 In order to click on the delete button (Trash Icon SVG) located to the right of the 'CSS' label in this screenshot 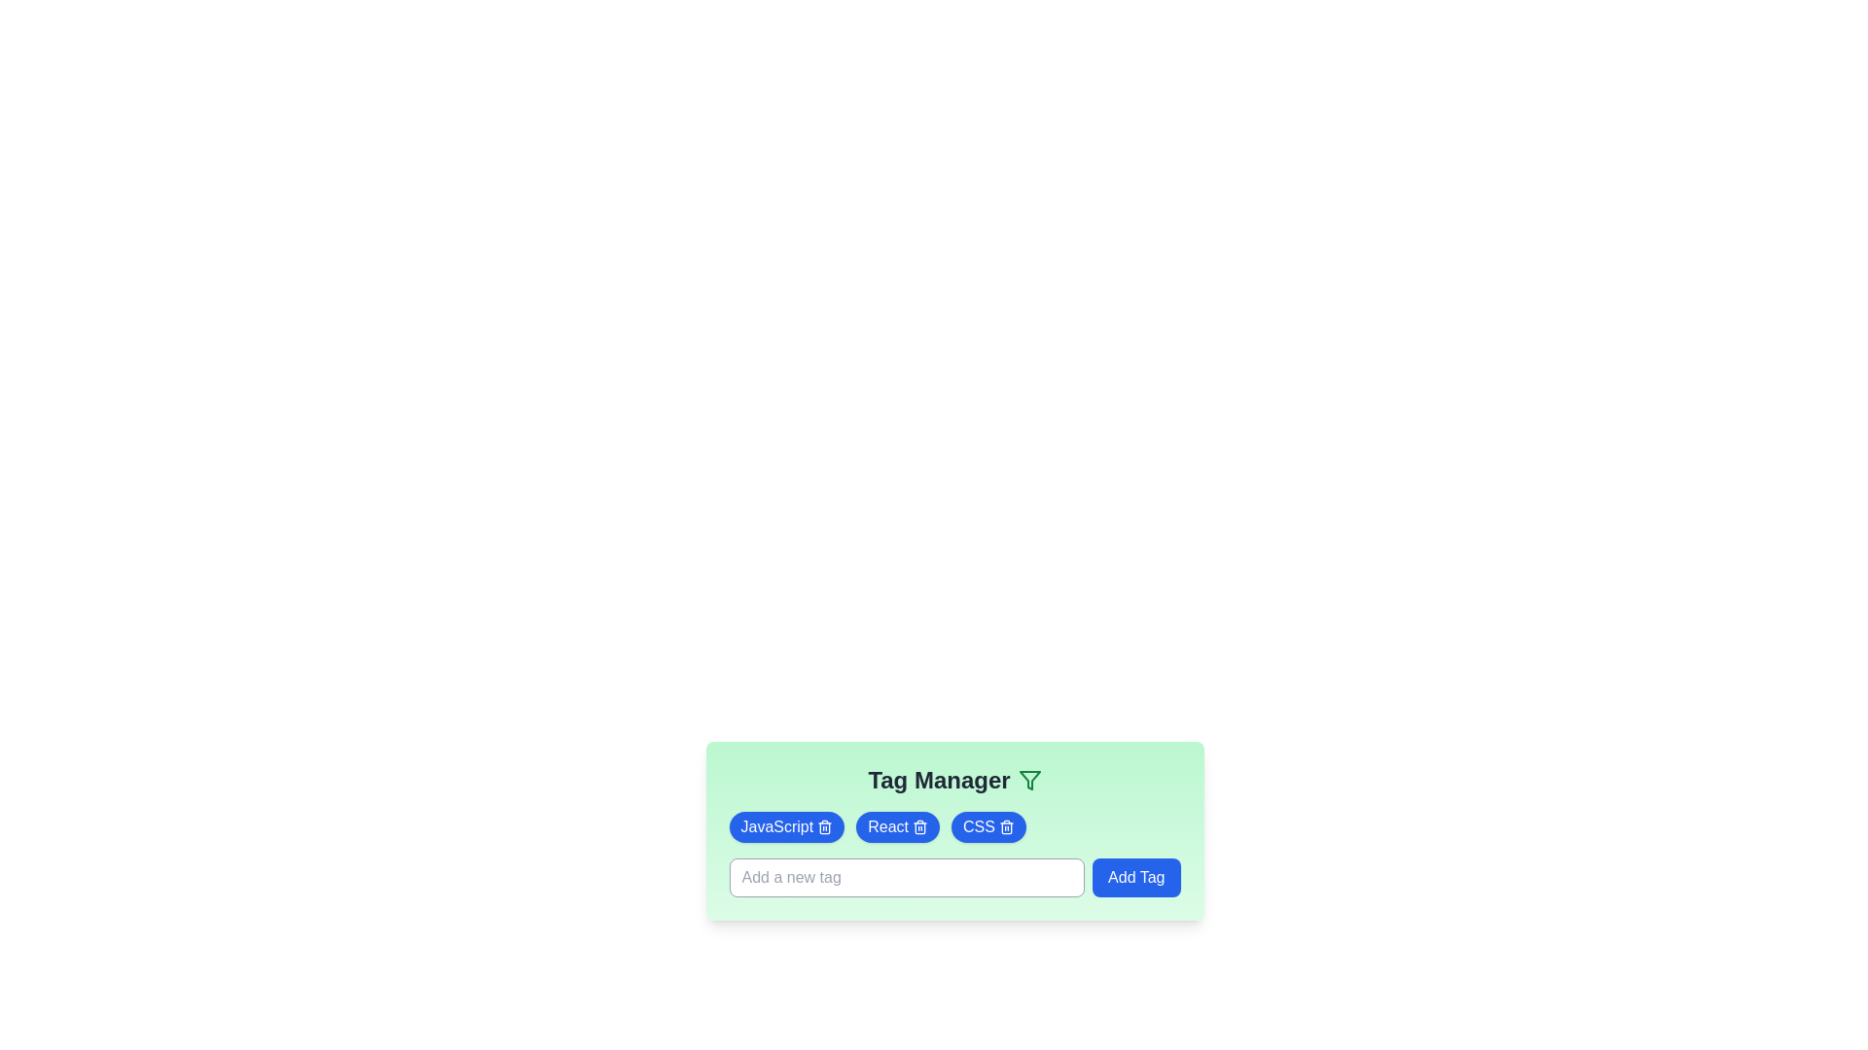, I will do `click(1006, 827)`.